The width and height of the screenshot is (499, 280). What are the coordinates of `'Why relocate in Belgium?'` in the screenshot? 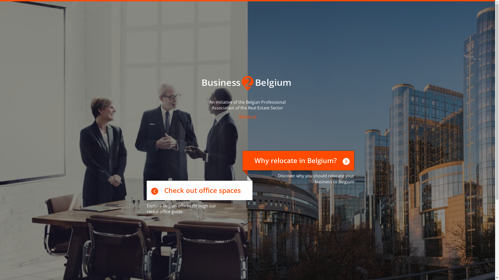 It's located at (298, 160).